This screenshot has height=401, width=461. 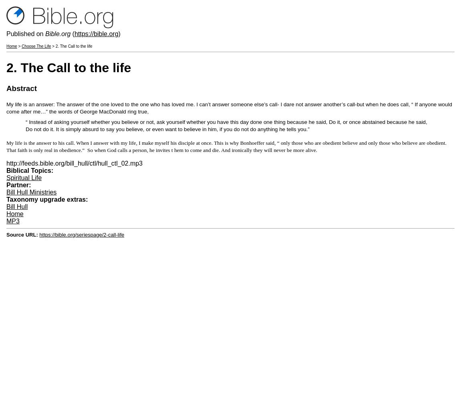 I want to click on 'Choose The Life', so click(x=36, y=46).